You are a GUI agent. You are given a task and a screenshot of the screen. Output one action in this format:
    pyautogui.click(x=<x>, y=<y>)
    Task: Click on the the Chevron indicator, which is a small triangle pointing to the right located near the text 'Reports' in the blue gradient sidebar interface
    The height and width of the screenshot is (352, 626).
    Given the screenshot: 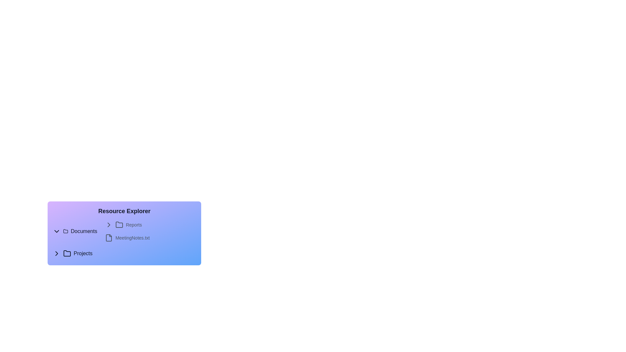 What is the action you would take?
    pyautogui.click(x=56, y=253)
    